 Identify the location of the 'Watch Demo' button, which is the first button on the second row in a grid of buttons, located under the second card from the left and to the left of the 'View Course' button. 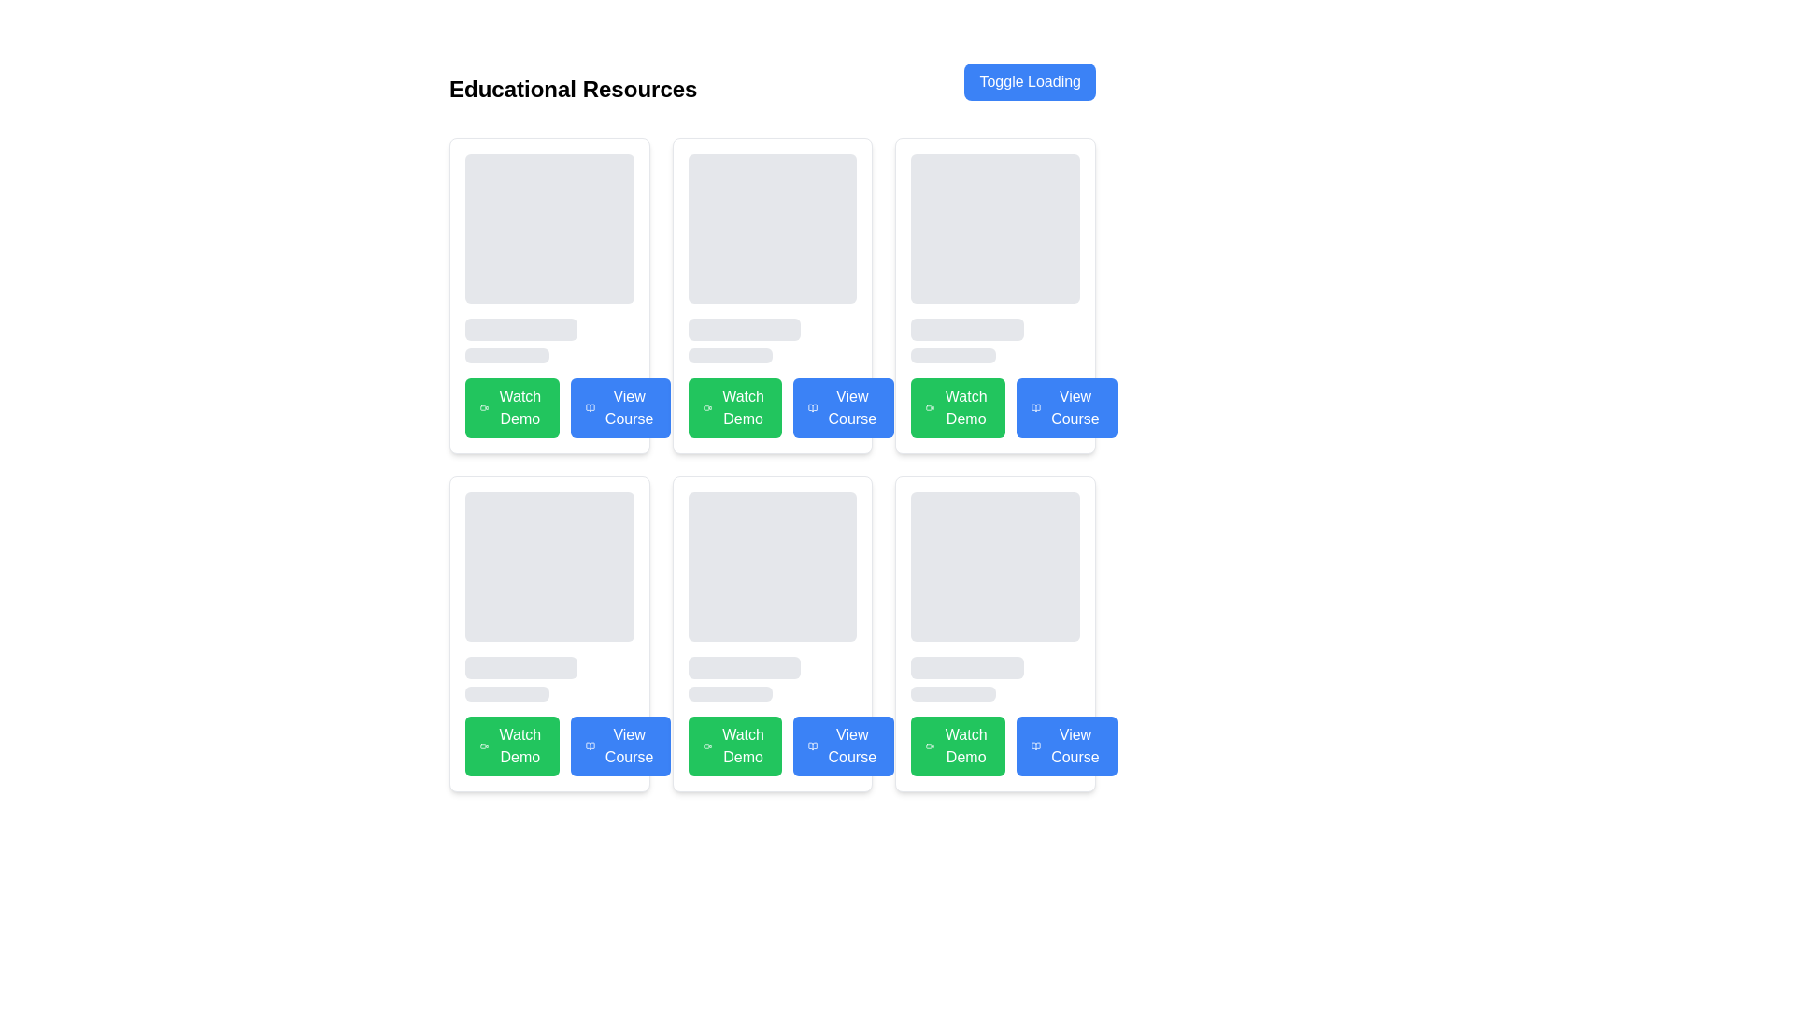
(772, 406).